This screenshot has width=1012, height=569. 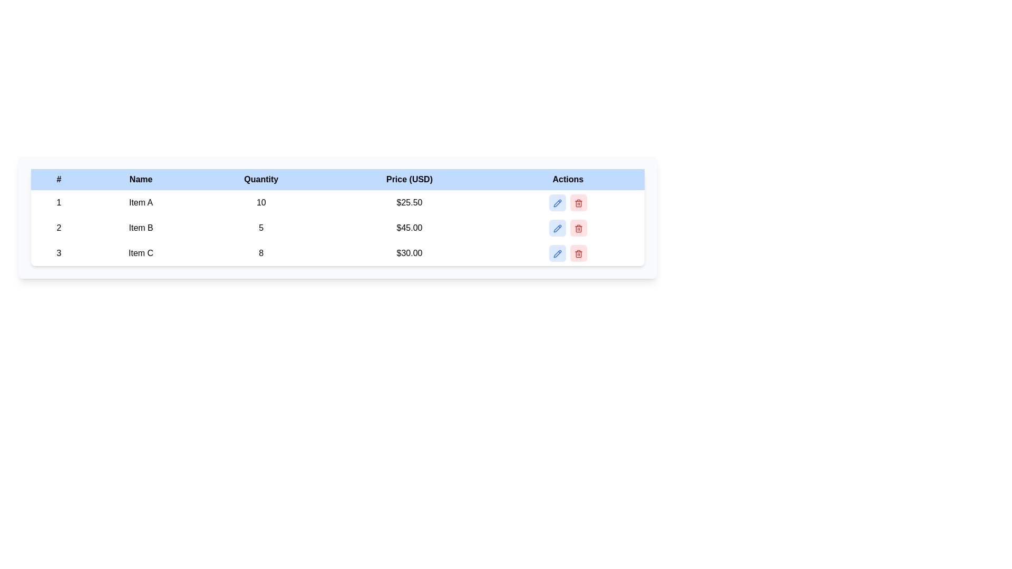 I want to click on the editor trigger icon located in the first position under the 'Actions' column of the third row in the table, so click(x=557, y=253).